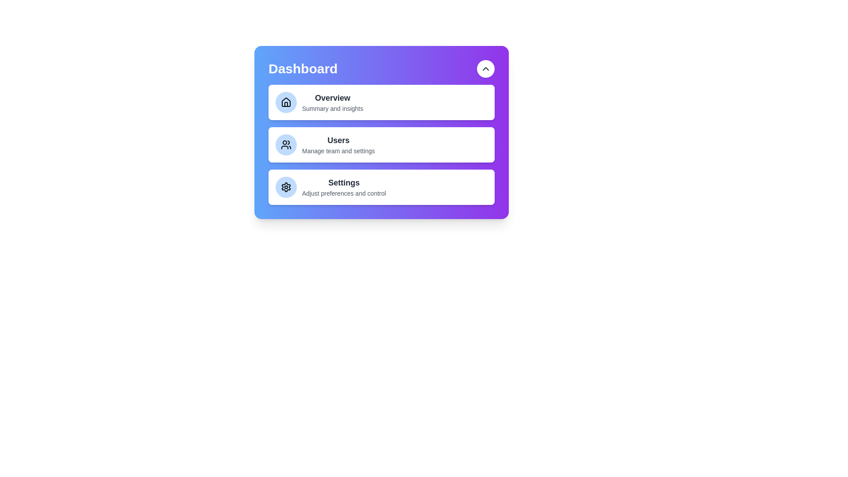 The width and height of the screenshot is (848, 477). Describe the element at coordinates (382, 144) in the screenshot. I see `the menu item Users to select it` at that location.